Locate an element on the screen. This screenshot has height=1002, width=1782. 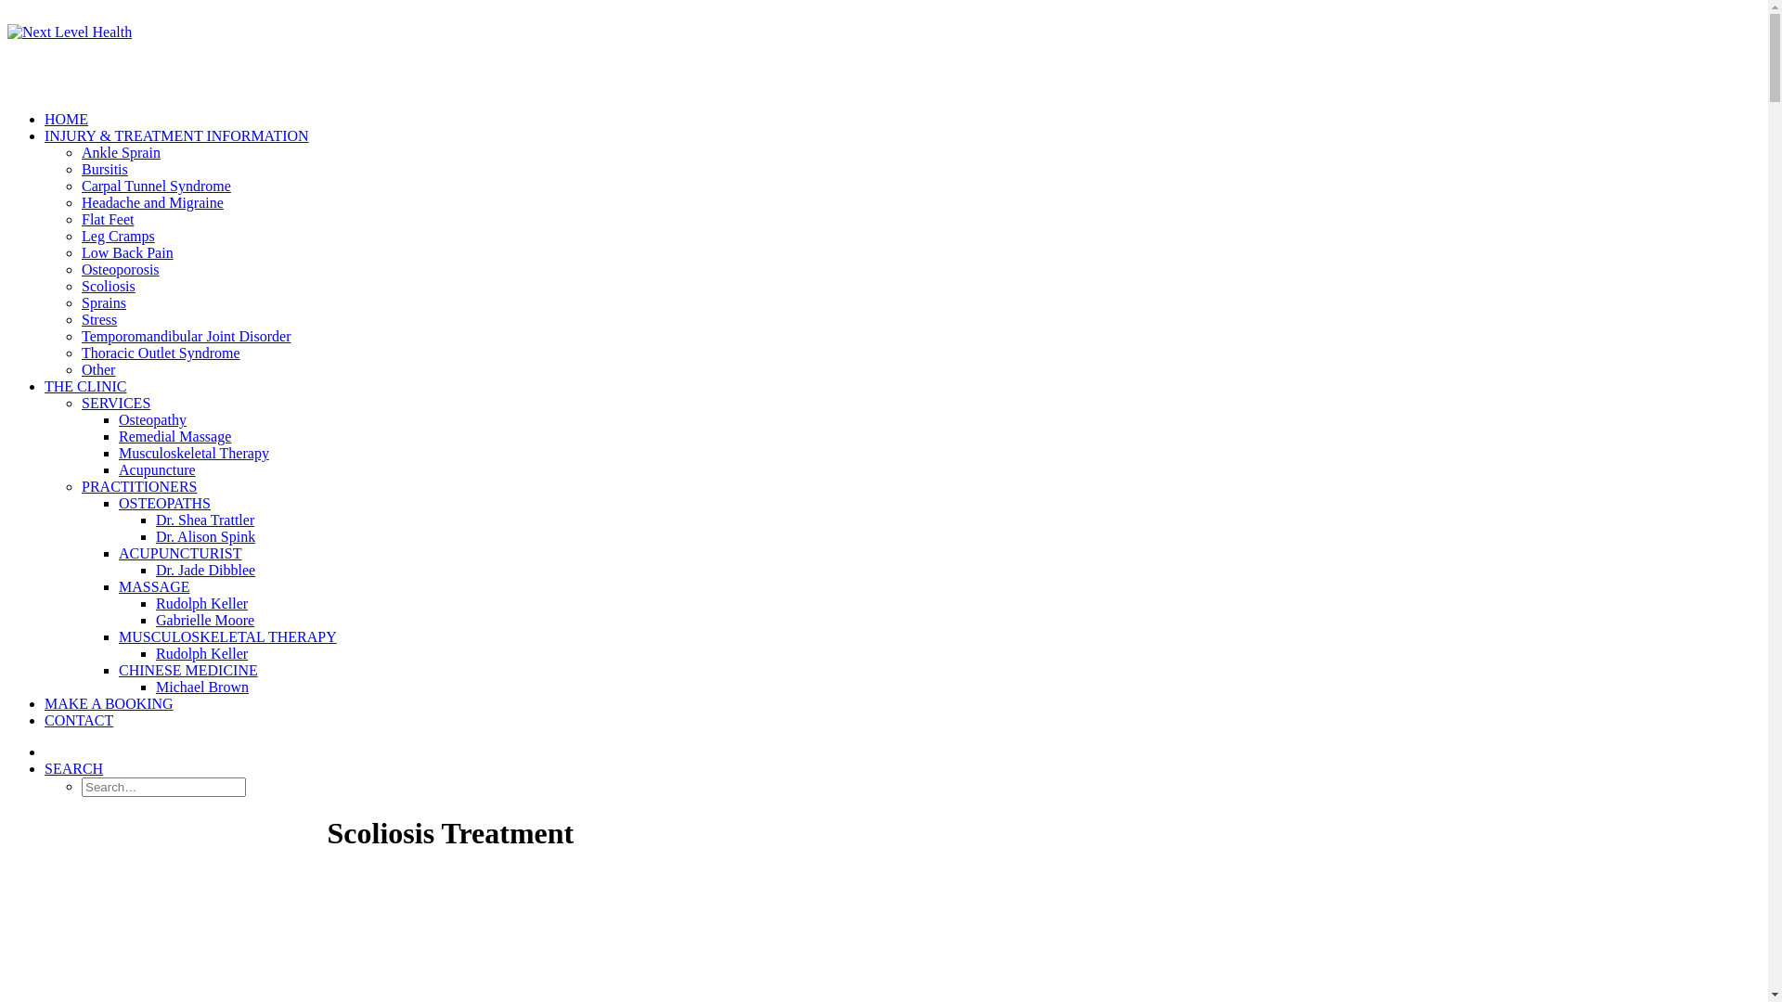
'HOME' is located at coordinates (45, 119).